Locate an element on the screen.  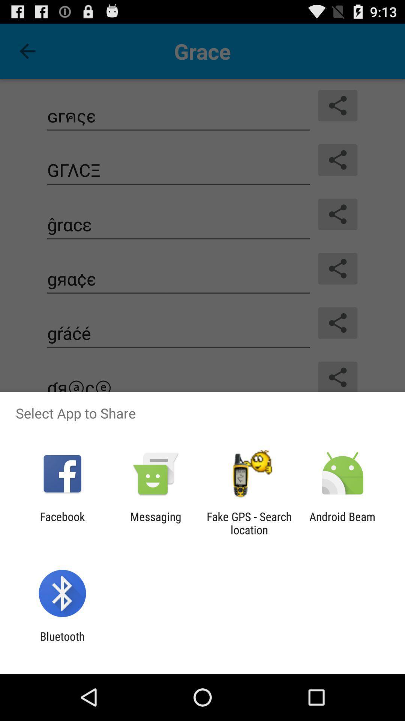
bluetooth app is located at coordinates (62, 643).